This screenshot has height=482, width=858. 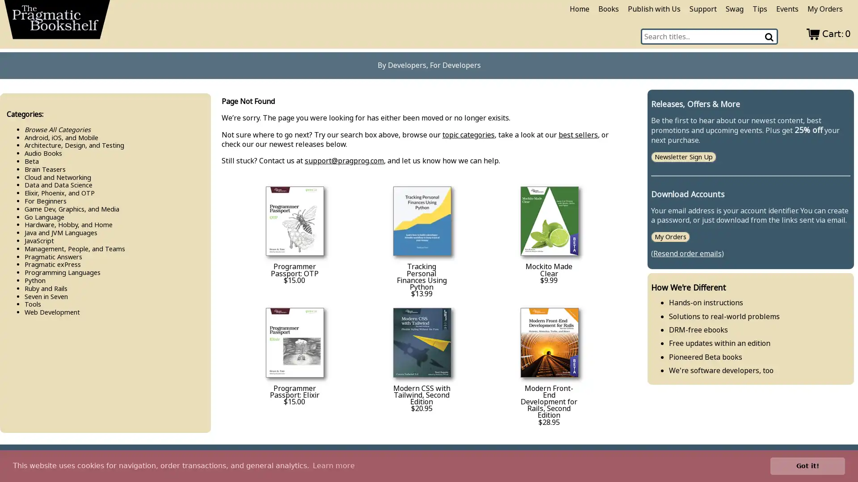 I want to click on dismiss cookie message, so click(x=808, y=465).